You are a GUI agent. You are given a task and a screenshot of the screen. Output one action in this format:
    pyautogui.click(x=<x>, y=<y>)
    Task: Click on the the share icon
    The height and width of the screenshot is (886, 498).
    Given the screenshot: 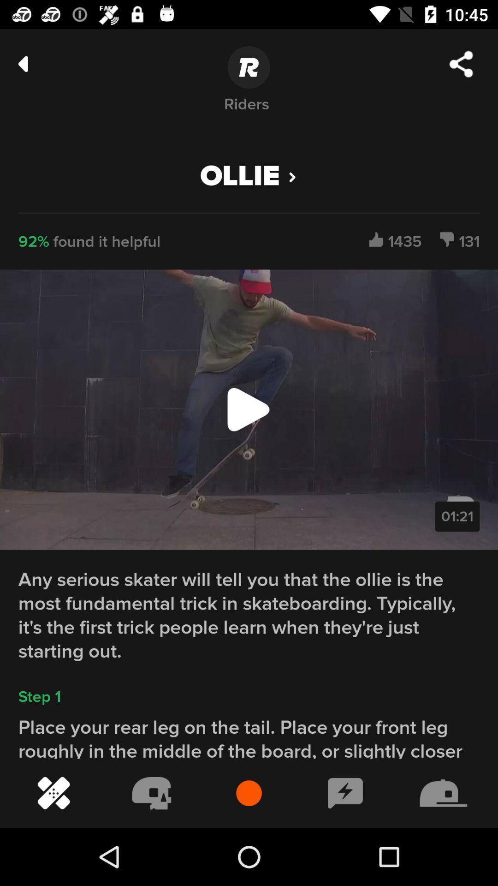 What is the action you would take?
    pyautogui.click(x=461, y=64)
    